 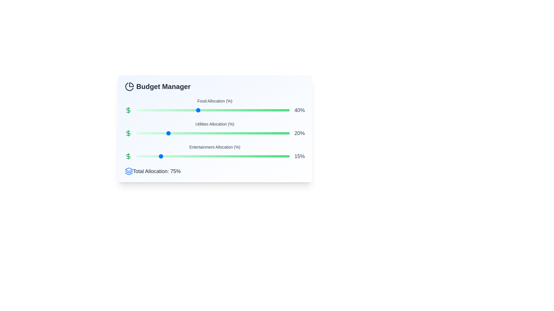 What do you see at coordinates (199, 156) in the screenshot?
I see `the Entertainment Allocation slider to 41%` at bounding box center [199, 156].